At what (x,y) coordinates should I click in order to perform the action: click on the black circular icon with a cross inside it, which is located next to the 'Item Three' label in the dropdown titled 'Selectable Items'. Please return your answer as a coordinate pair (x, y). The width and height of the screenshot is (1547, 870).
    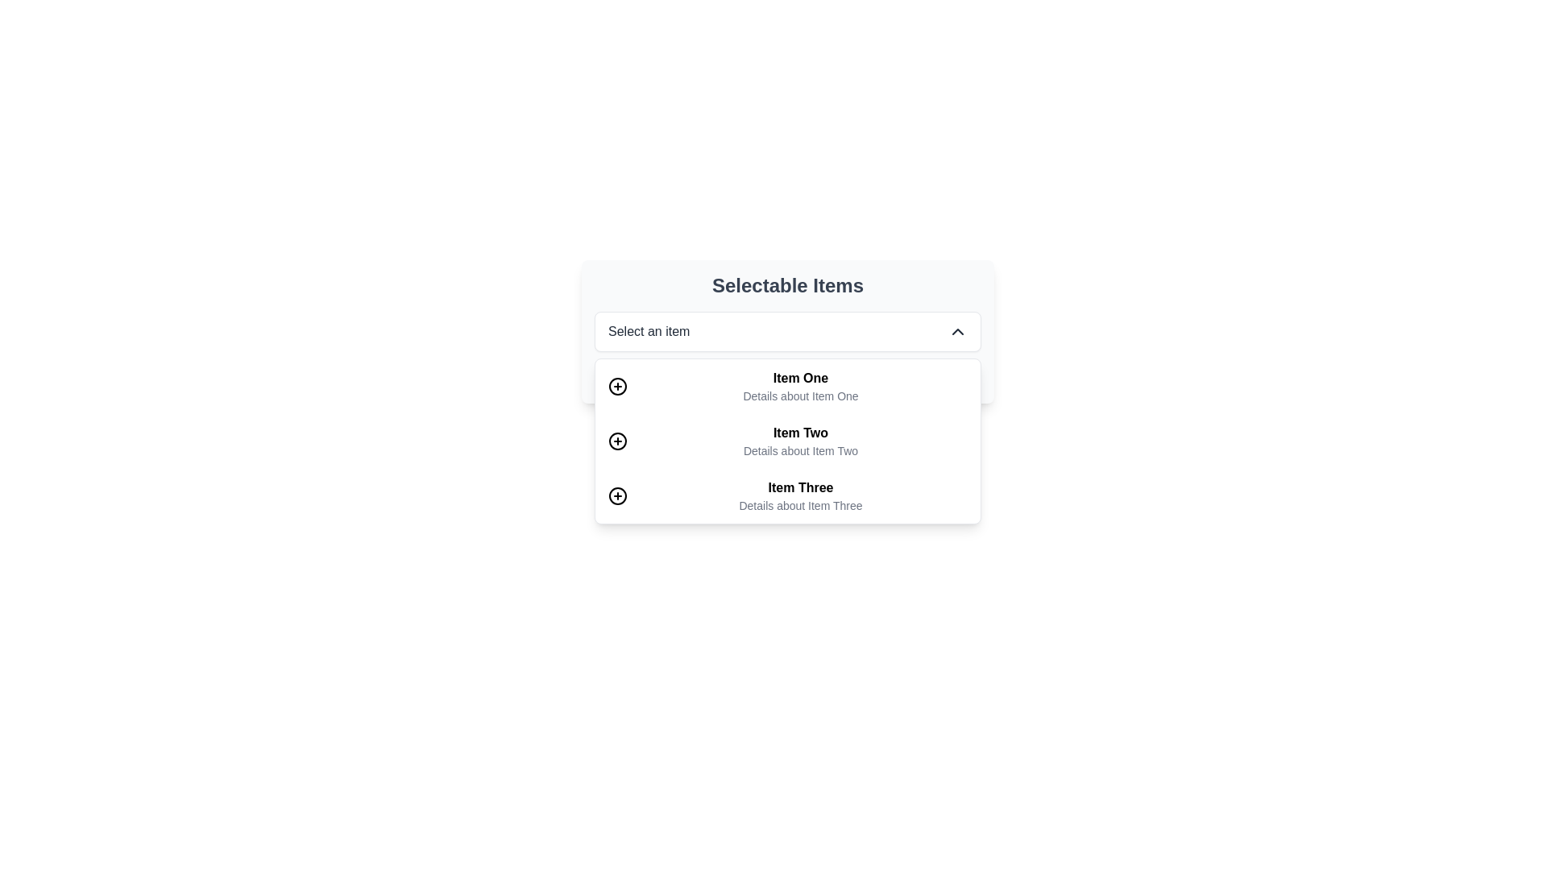
    Looking at the image, I should click on (617, 495).